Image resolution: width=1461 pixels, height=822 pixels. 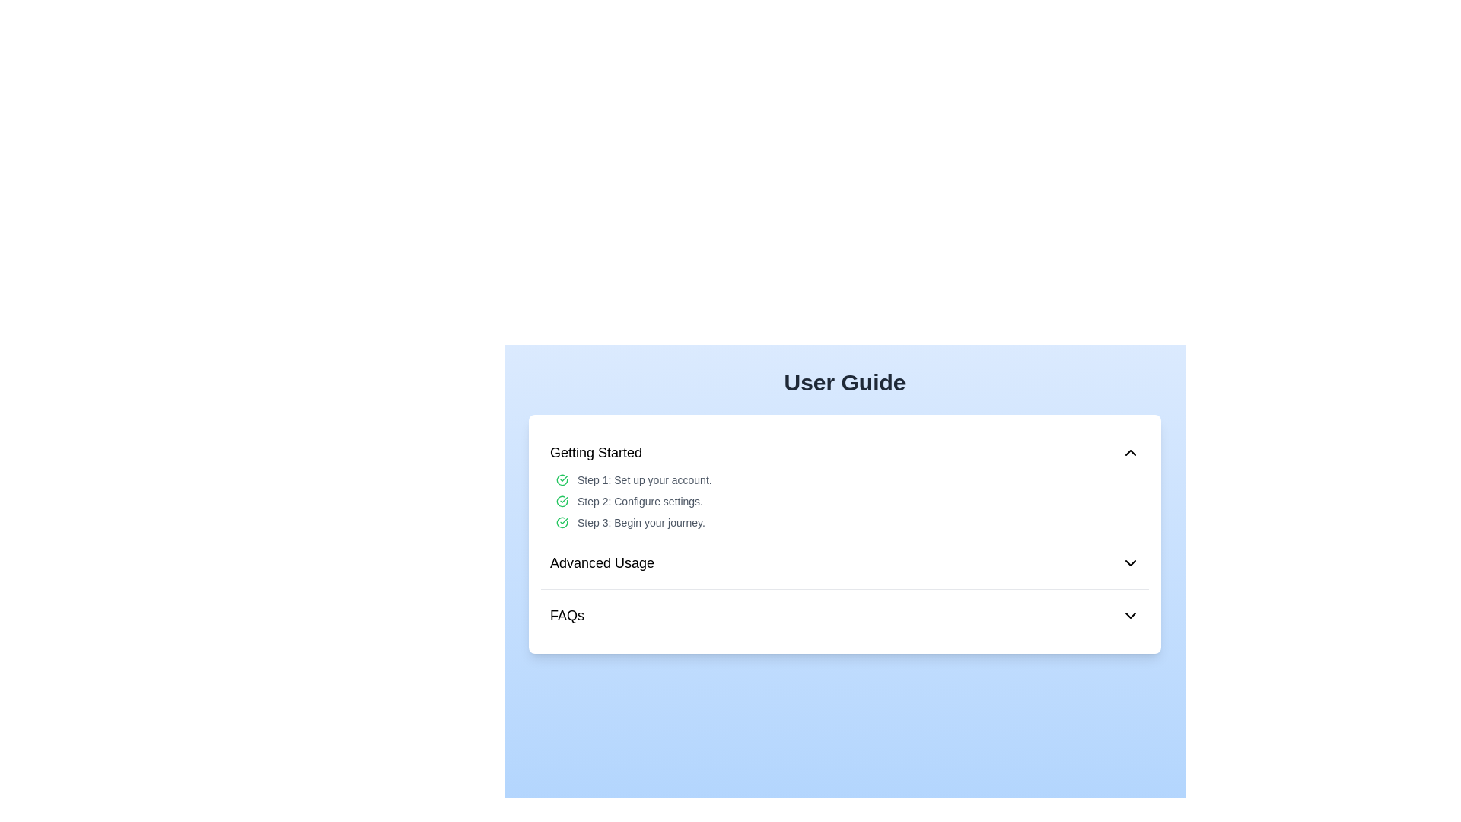 What do you see at coordinates (562, 502) in the screenshot?
I see `the checkmark icon indicating that 'Step 2: Configure settings.' has been completed in the 'Getting Started' section under the 'User Guide' header` at bounding box center [562, 502].